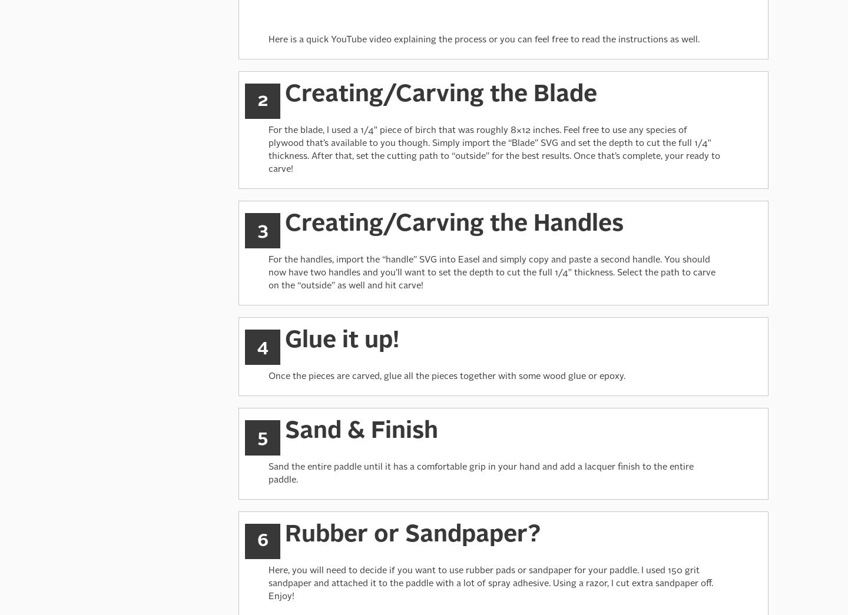 The image size is (848, 615). What do you see at coordinates (262, 345) in the screenshot?
I see `'4'` at bounding box center [262, 345].